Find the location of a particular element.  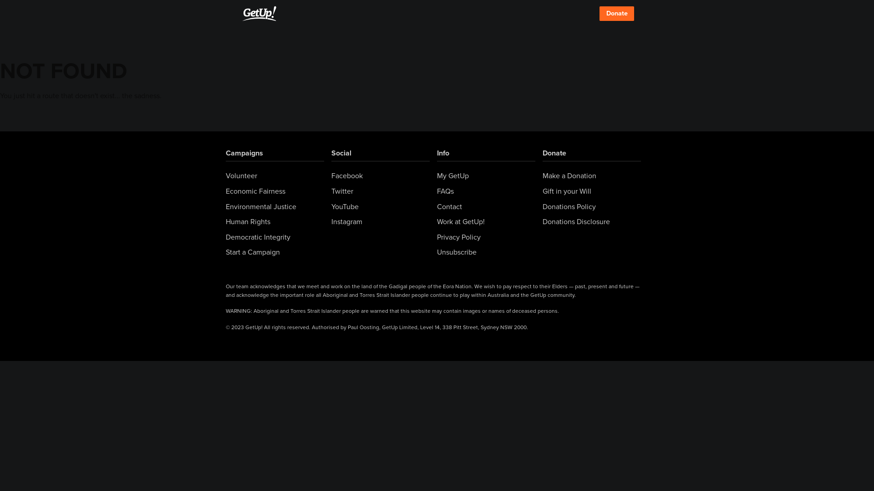

'YouTube' is located at coordinates (345, 207).